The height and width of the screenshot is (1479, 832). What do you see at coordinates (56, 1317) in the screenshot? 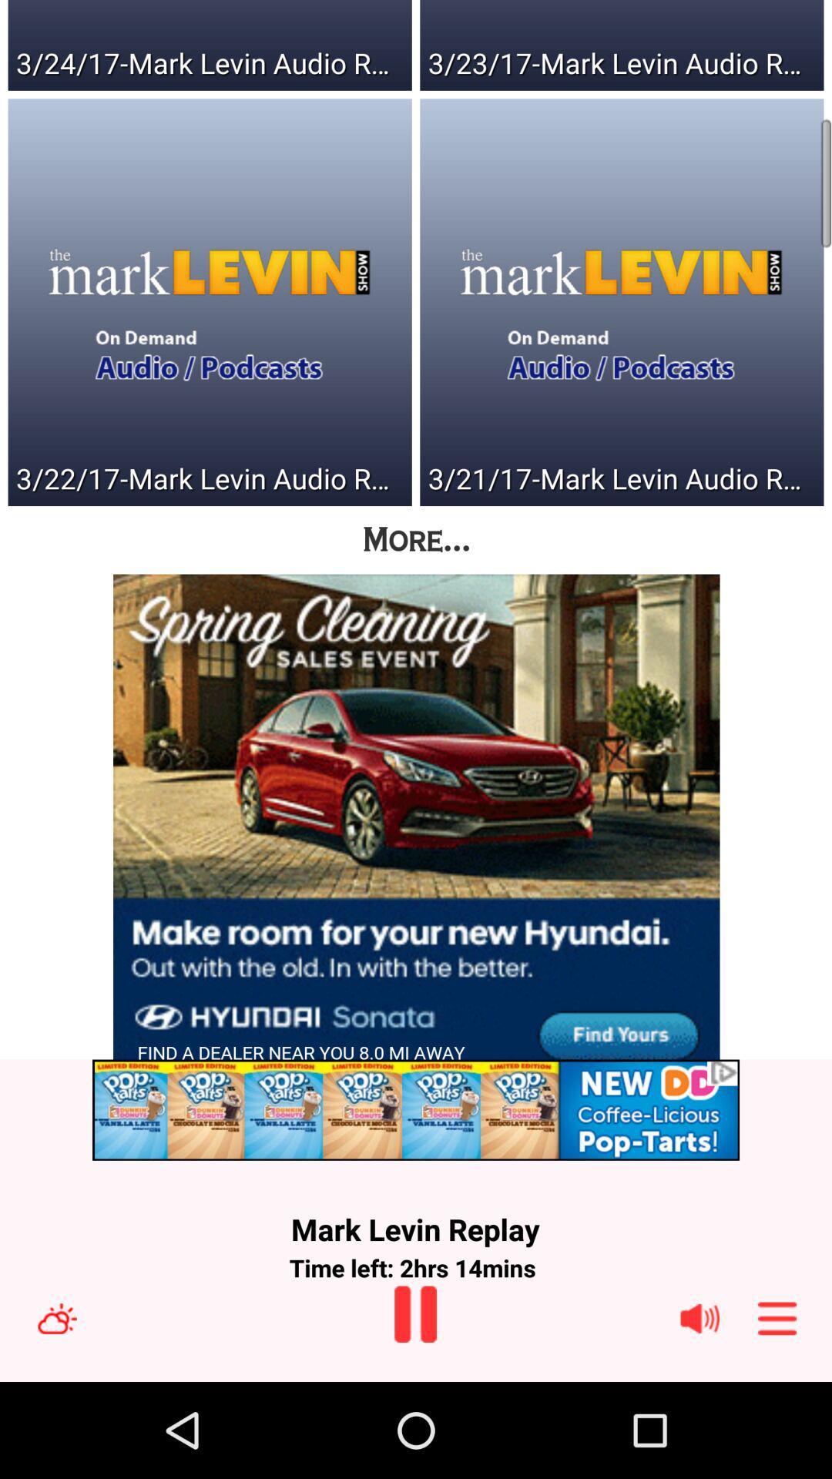
I see `open weather channel` at bounding box center [56, 1317].